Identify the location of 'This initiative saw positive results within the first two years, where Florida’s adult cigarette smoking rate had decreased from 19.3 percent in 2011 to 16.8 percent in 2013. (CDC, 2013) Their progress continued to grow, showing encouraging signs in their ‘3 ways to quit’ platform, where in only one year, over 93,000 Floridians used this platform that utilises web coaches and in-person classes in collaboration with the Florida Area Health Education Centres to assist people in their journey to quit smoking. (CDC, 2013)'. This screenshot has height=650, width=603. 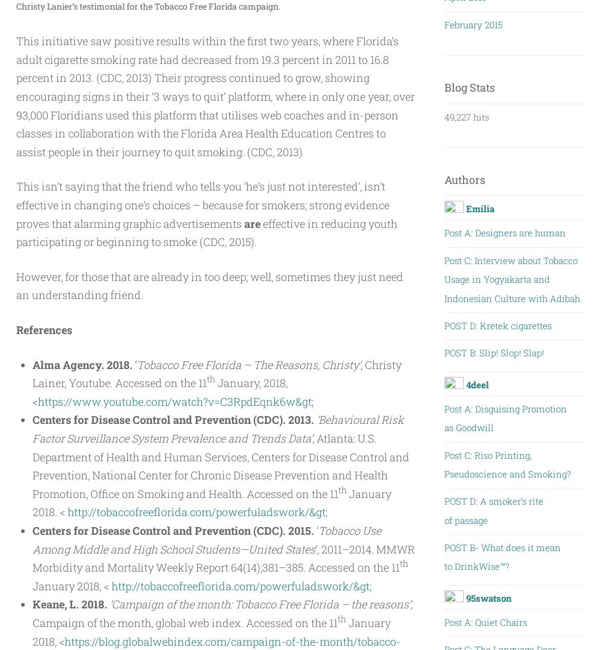
(215, 95).